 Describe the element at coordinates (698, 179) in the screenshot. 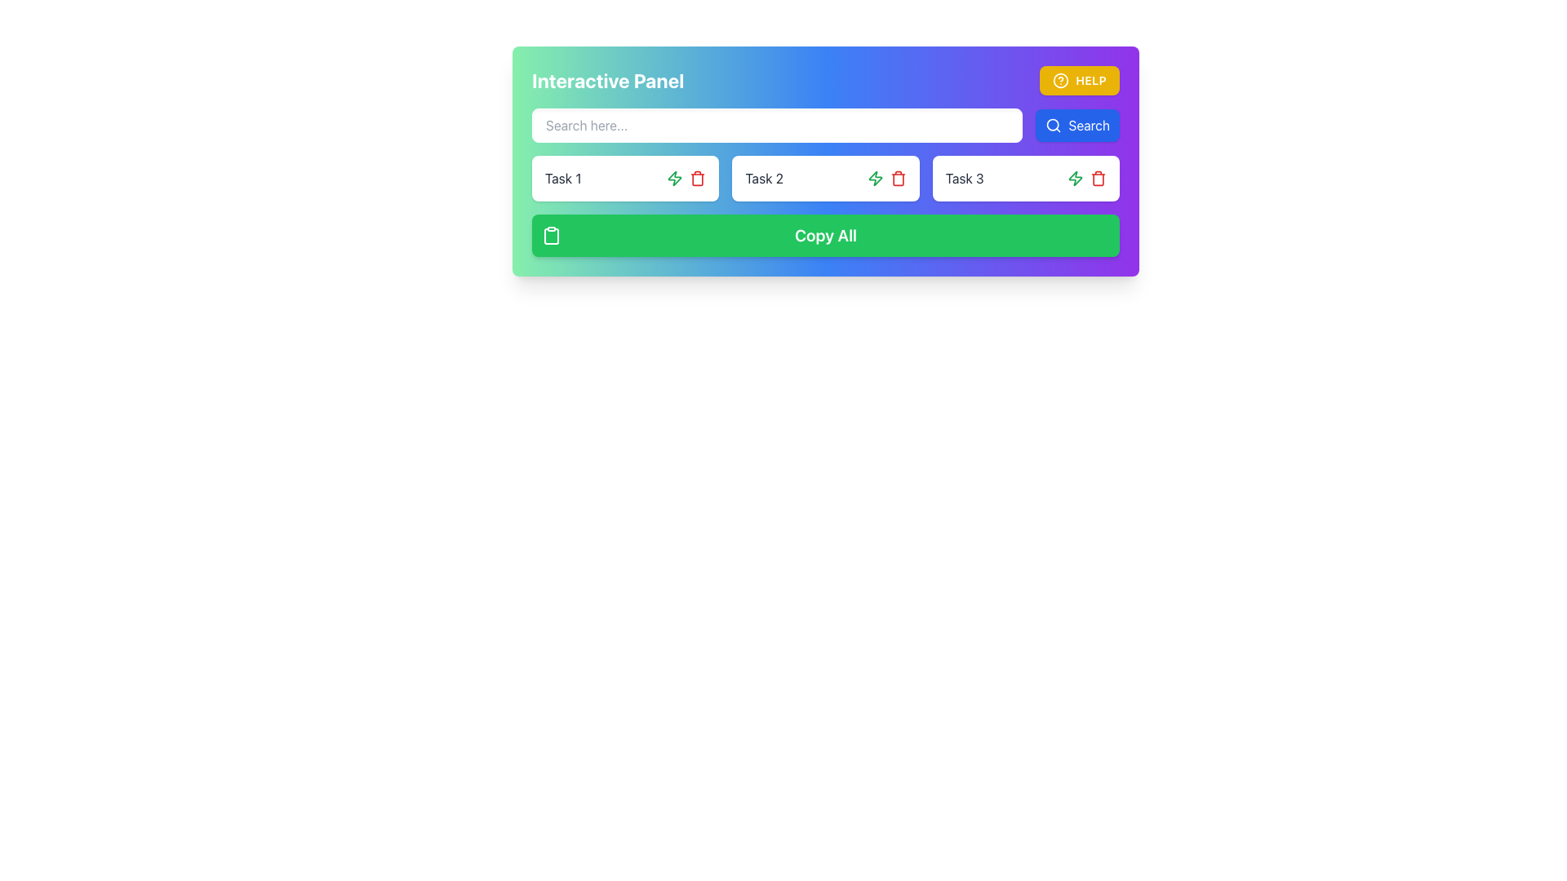

I see `the delete icon for Task 2 within the Interactive Panel` at that location.